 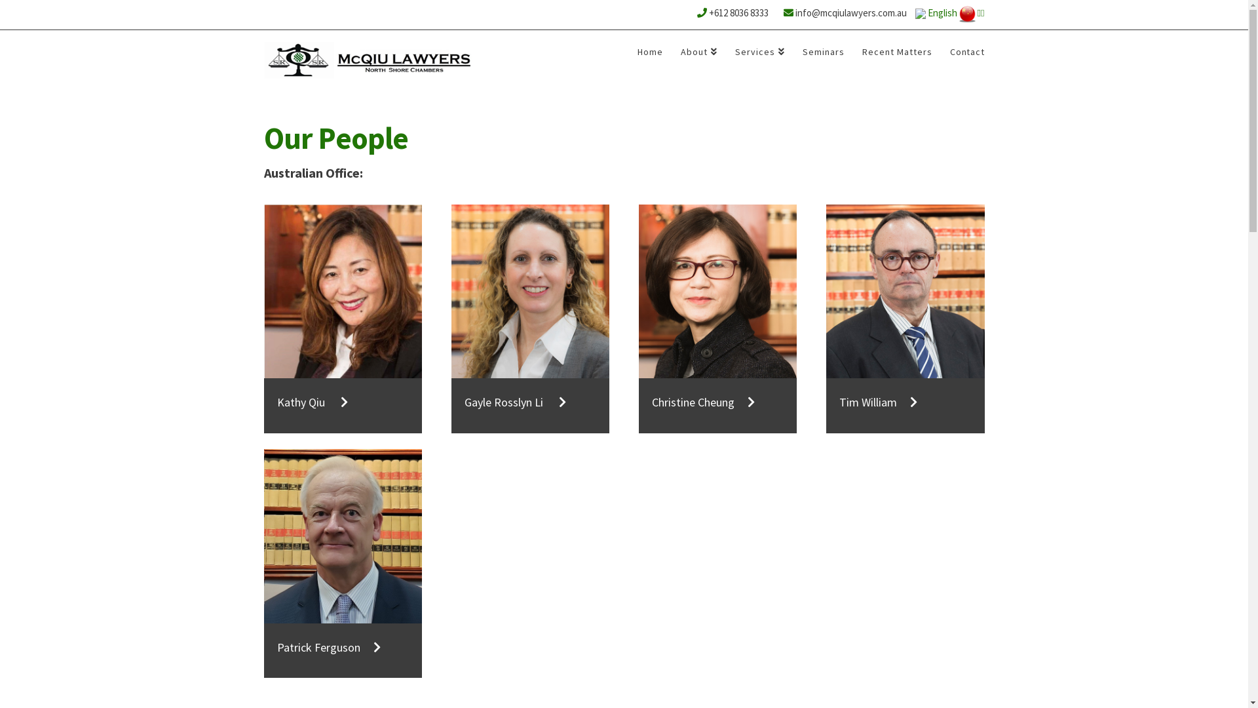 I want to click on 'About', so click(x=698, y=55).